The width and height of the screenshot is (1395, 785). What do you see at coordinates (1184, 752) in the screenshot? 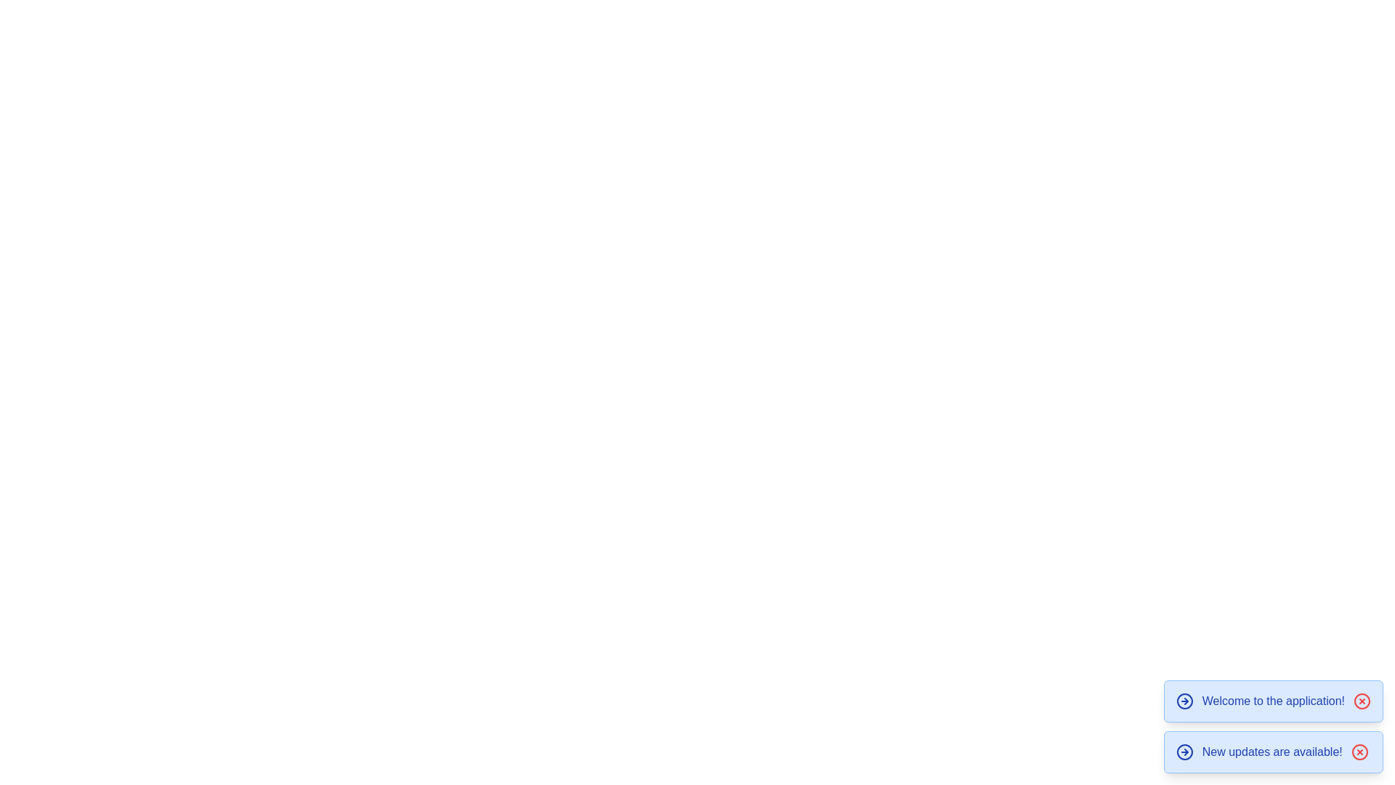
I see `the small circular icon with a blue outline and a right-pointing arrow, located at the left end of the notification strip that displays 'New updates are available!'` at bounding box center [1184, 752].